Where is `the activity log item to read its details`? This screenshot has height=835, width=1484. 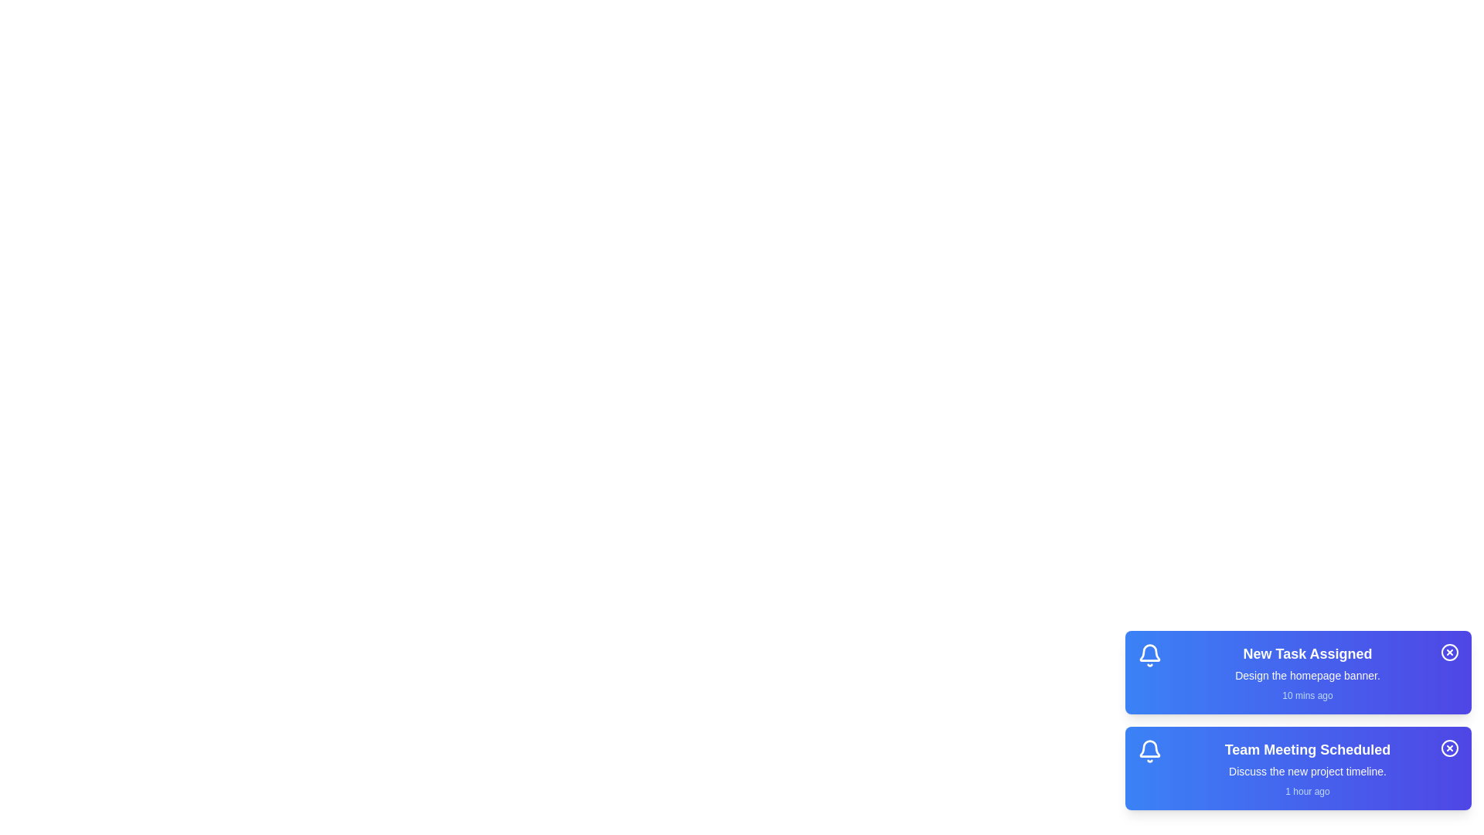
the activity log item to read its details is located at coordinates (1306, 672).